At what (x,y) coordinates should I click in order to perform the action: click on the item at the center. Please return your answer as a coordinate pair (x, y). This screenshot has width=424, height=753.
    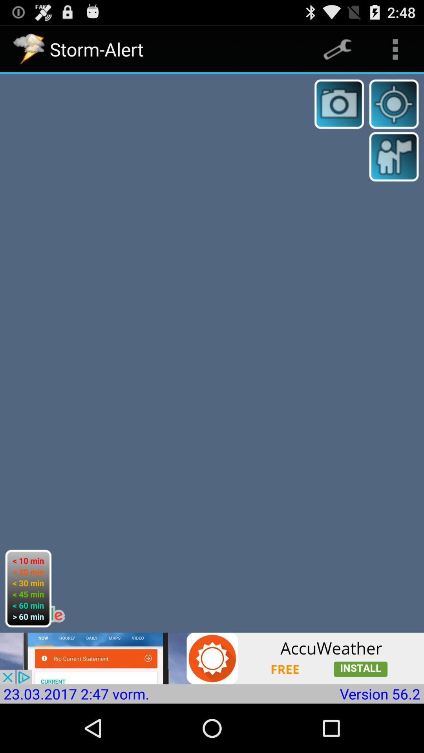
    Looking at the image, I should click on (212, 353).